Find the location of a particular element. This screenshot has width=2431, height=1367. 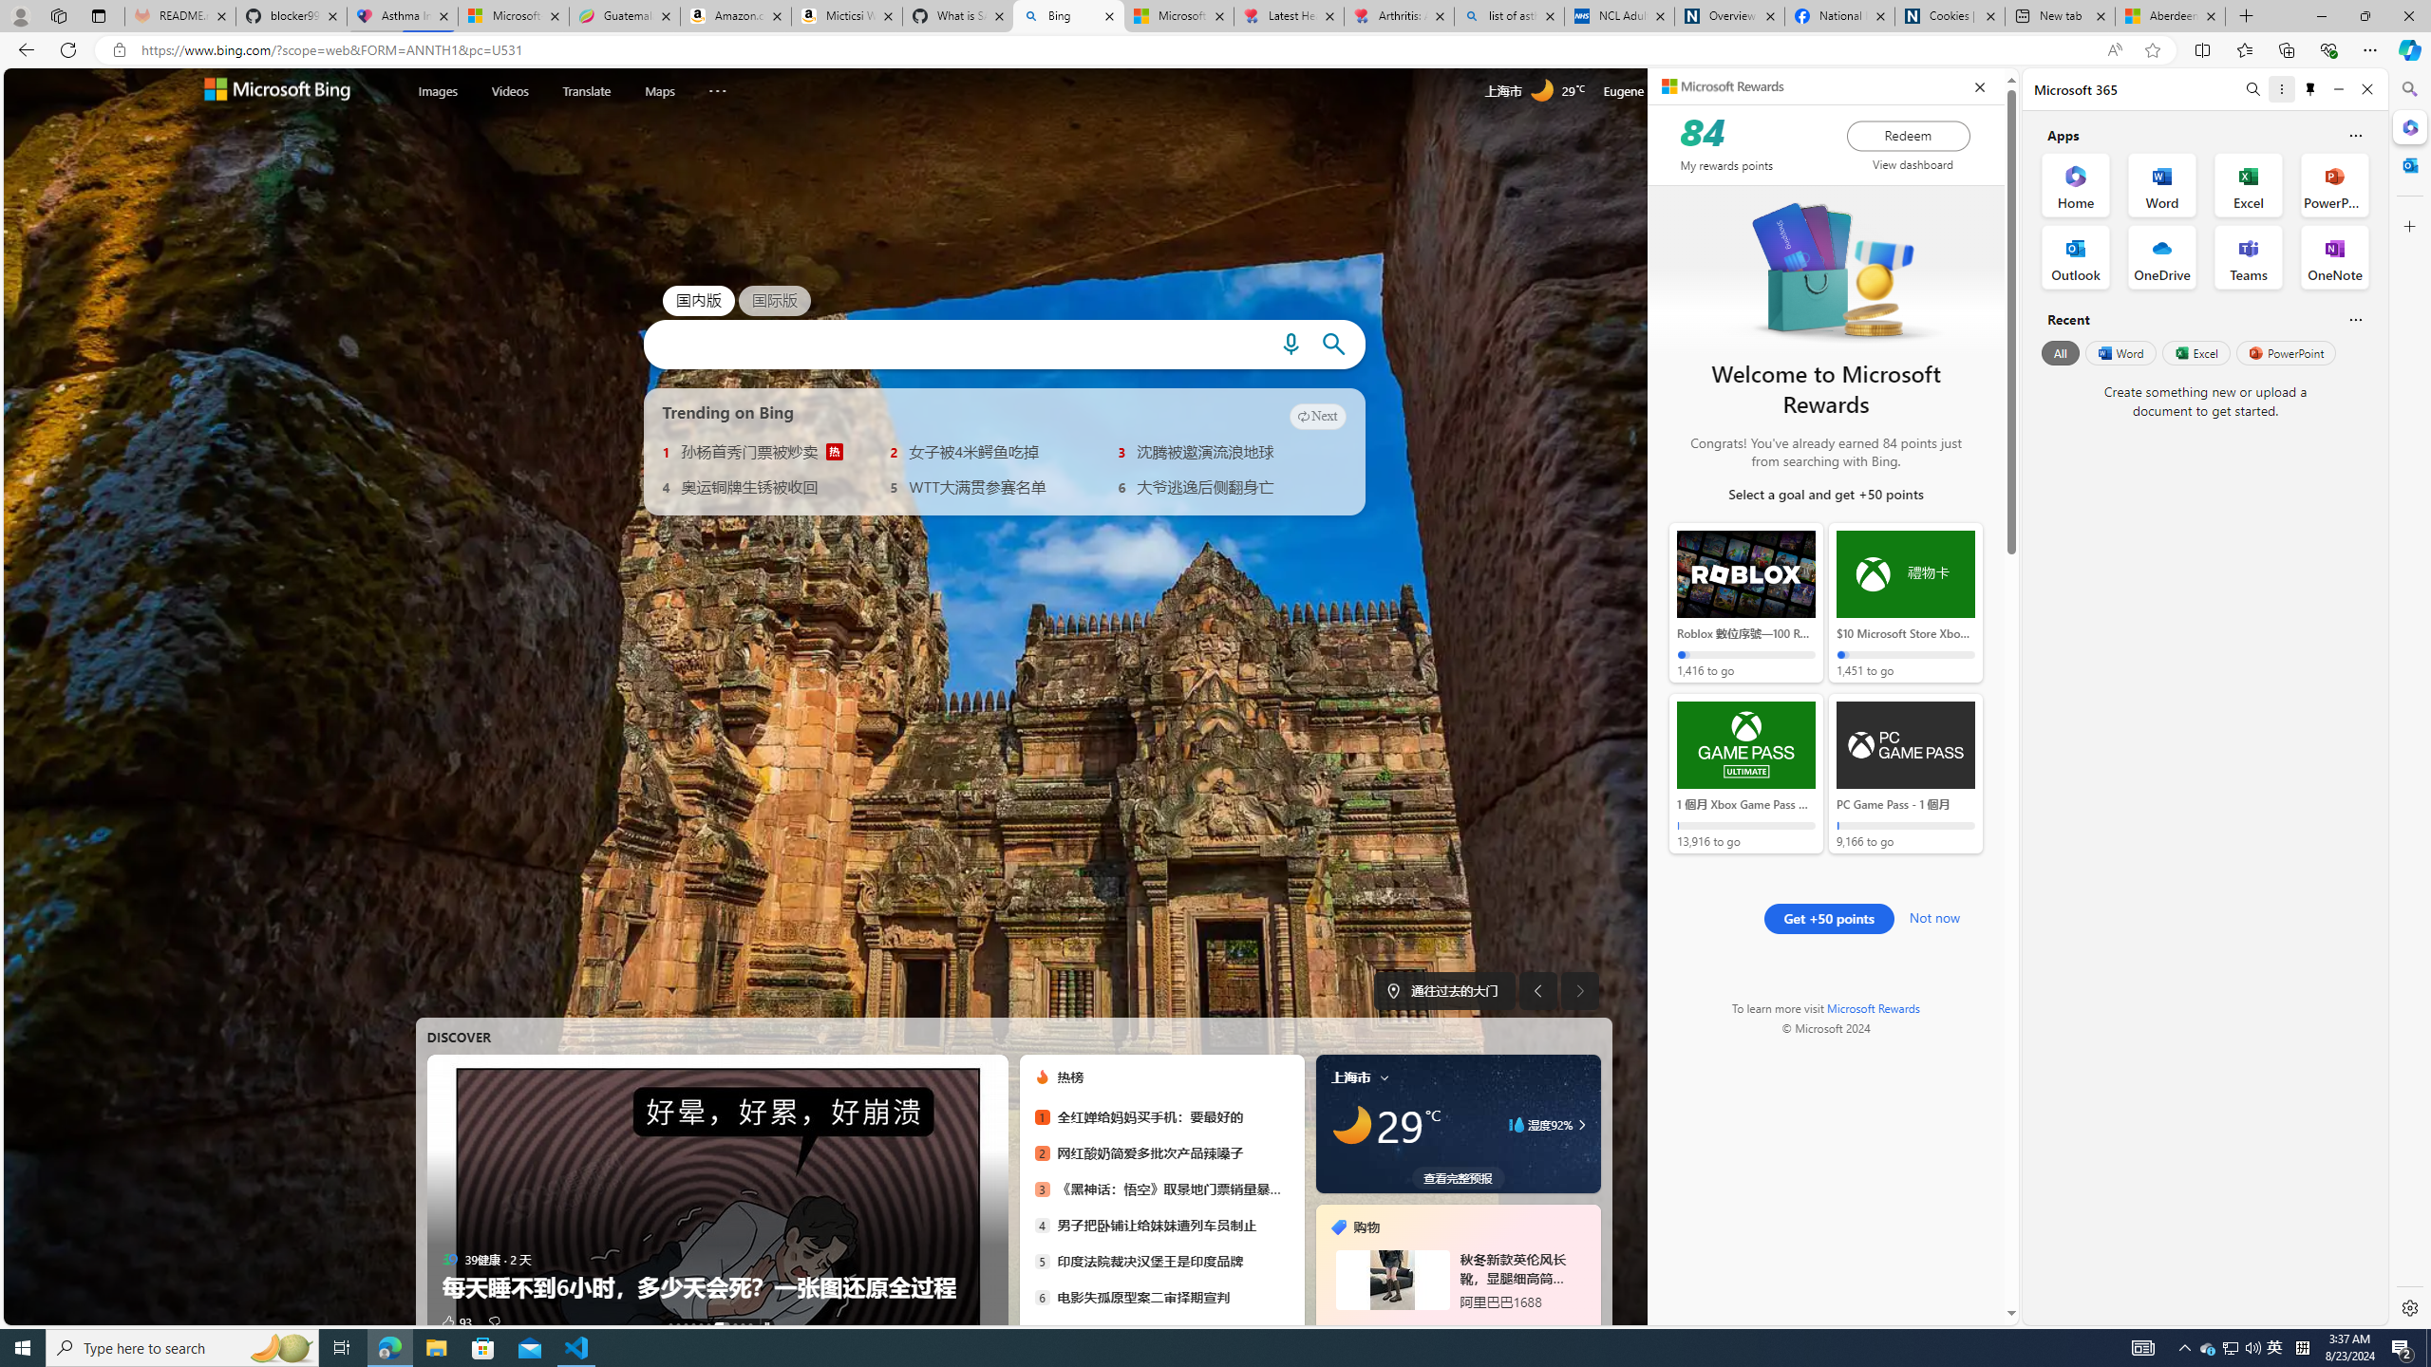

'tab-3' is located at coordinates (1463, 1326).